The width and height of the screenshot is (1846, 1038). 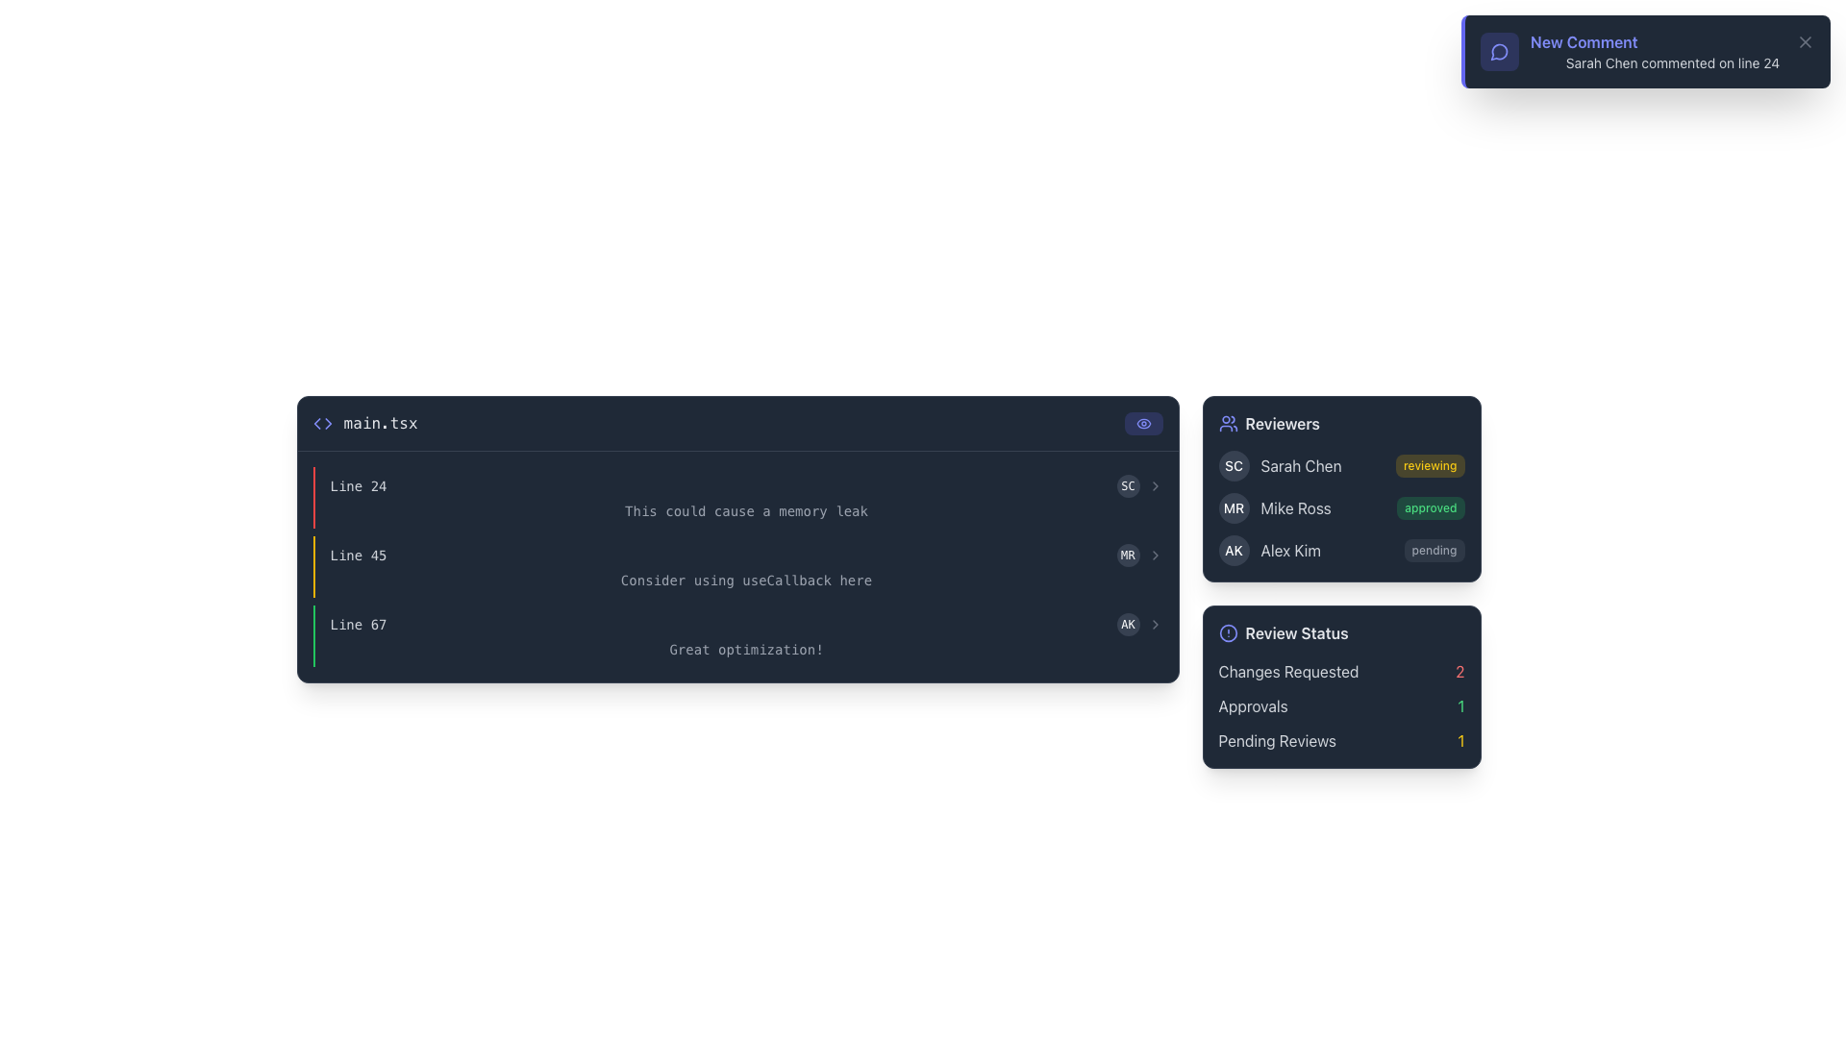 I want to click on the list item labeled 'Line 45' with the metadata 'MR', so click(x=745, y=556).